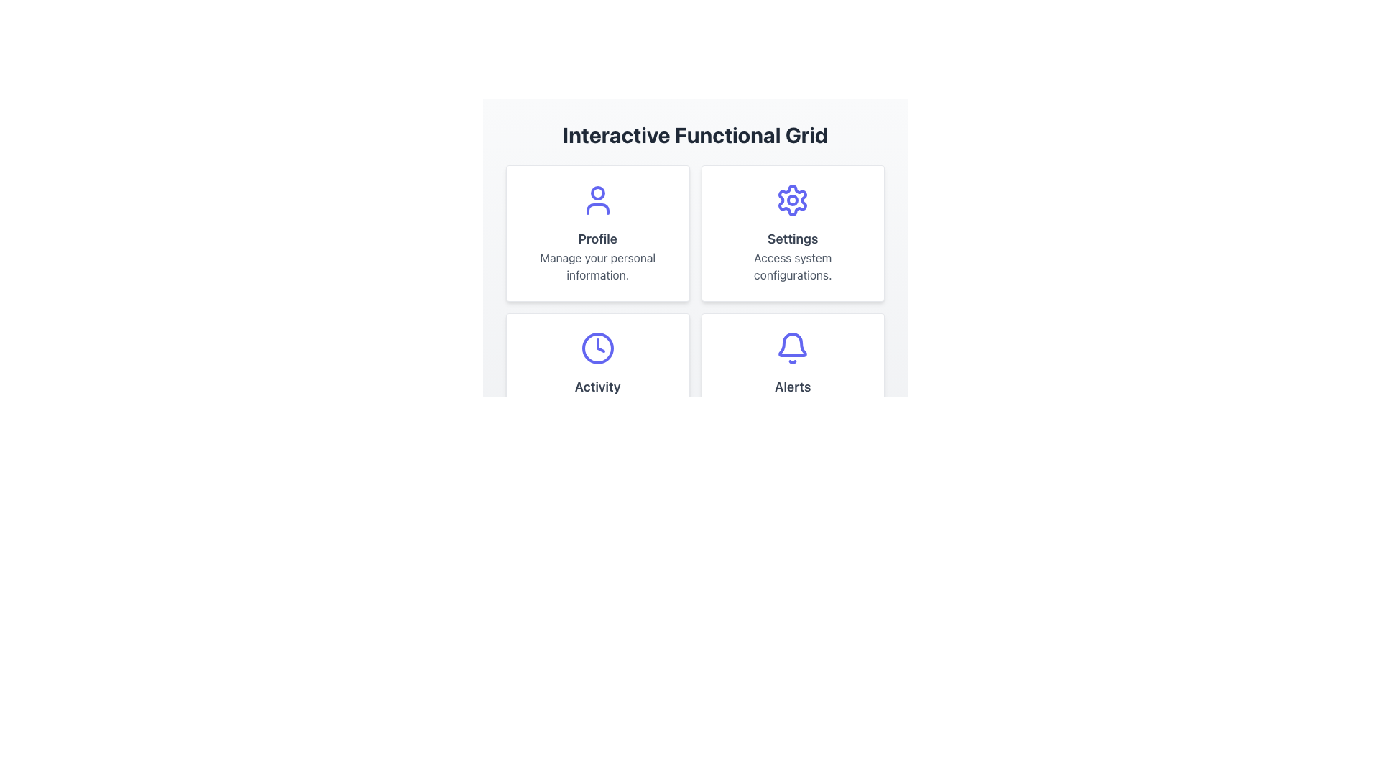 Image resolution: width=1380 pixels, height=776 pixels. I want to click on the decorative SVG circle component located at the center of the user icon, situated beneath the title 'Interactive Functional Grid' and above the text 'Profile', so click(597, 193).